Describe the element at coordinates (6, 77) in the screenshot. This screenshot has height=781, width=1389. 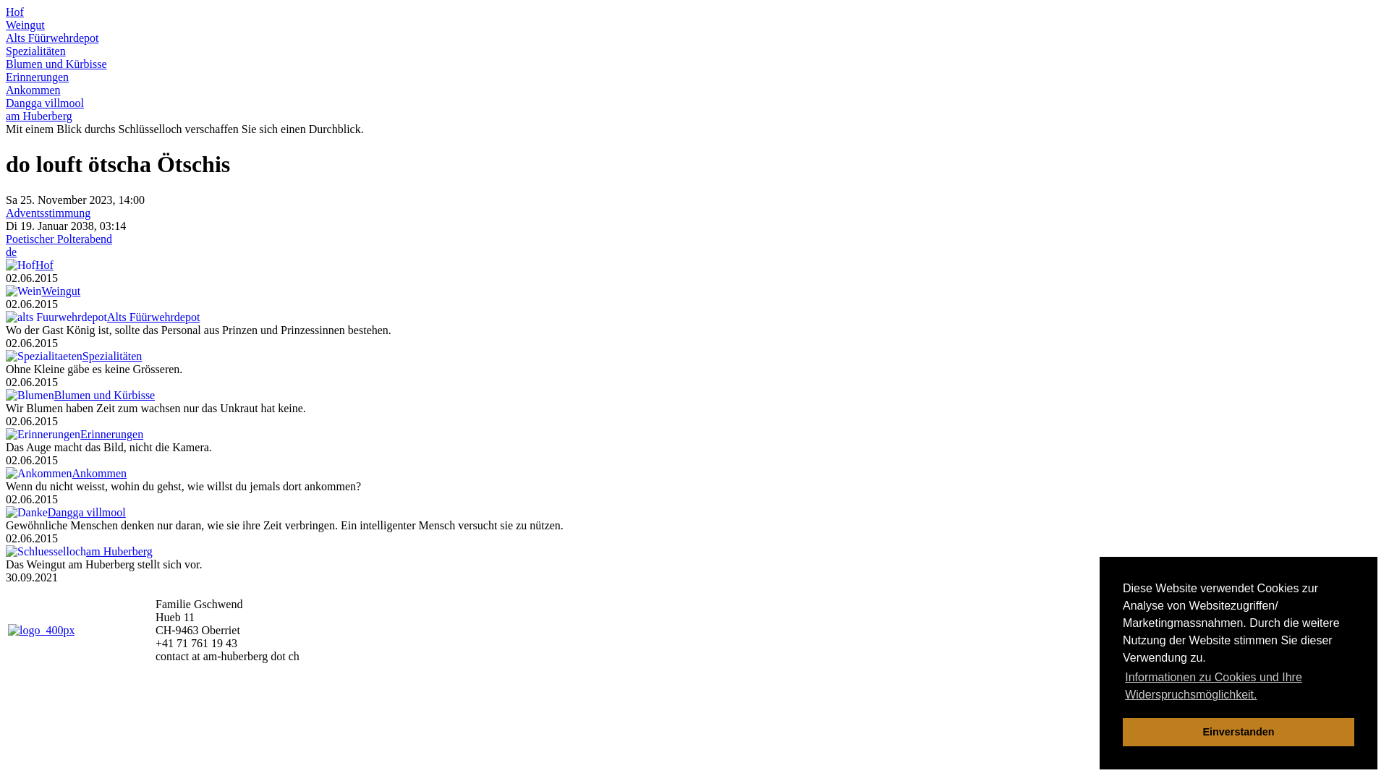
I see `'Erinnerungen'` at that location.